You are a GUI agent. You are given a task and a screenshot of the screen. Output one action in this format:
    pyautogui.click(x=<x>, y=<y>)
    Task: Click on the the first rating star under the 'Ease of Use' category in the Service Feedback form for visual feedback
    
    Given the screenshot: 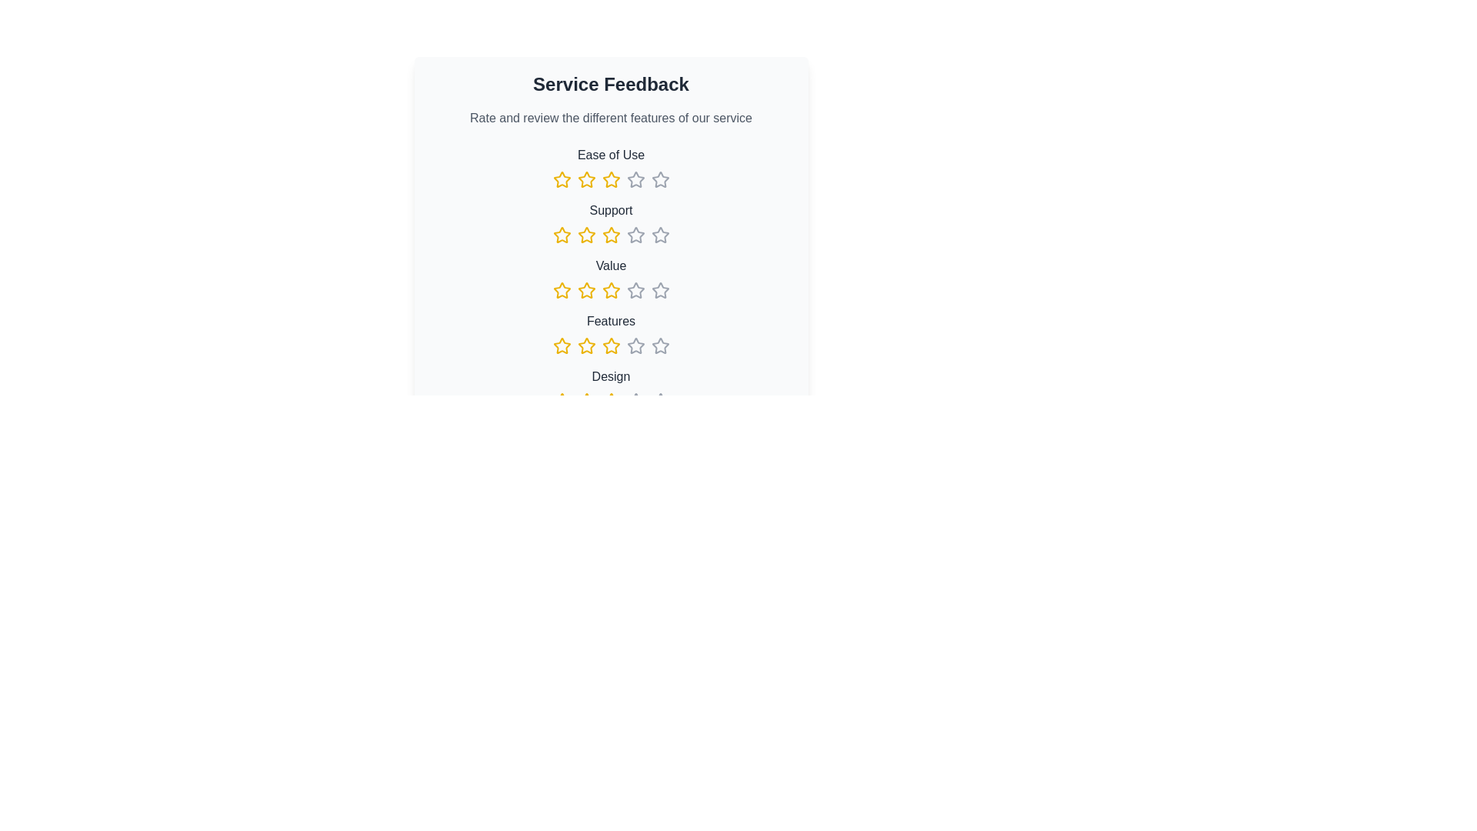 What is the action you would take?
    pyautogui.click(x=561, y=179)
    